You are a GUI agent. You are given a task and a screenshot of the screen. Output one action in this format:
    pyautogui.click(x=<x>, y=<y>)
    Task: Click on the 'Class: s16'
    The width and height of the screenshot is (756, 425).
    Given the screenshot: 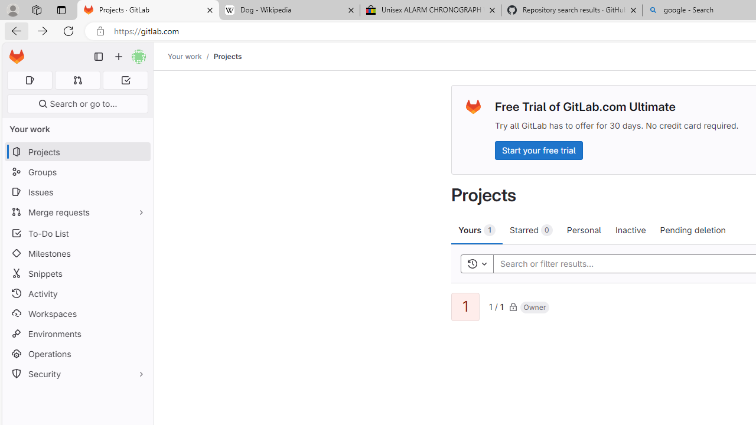 What is the action you would take?
    pyautogui.click(x=513, y=306)
    